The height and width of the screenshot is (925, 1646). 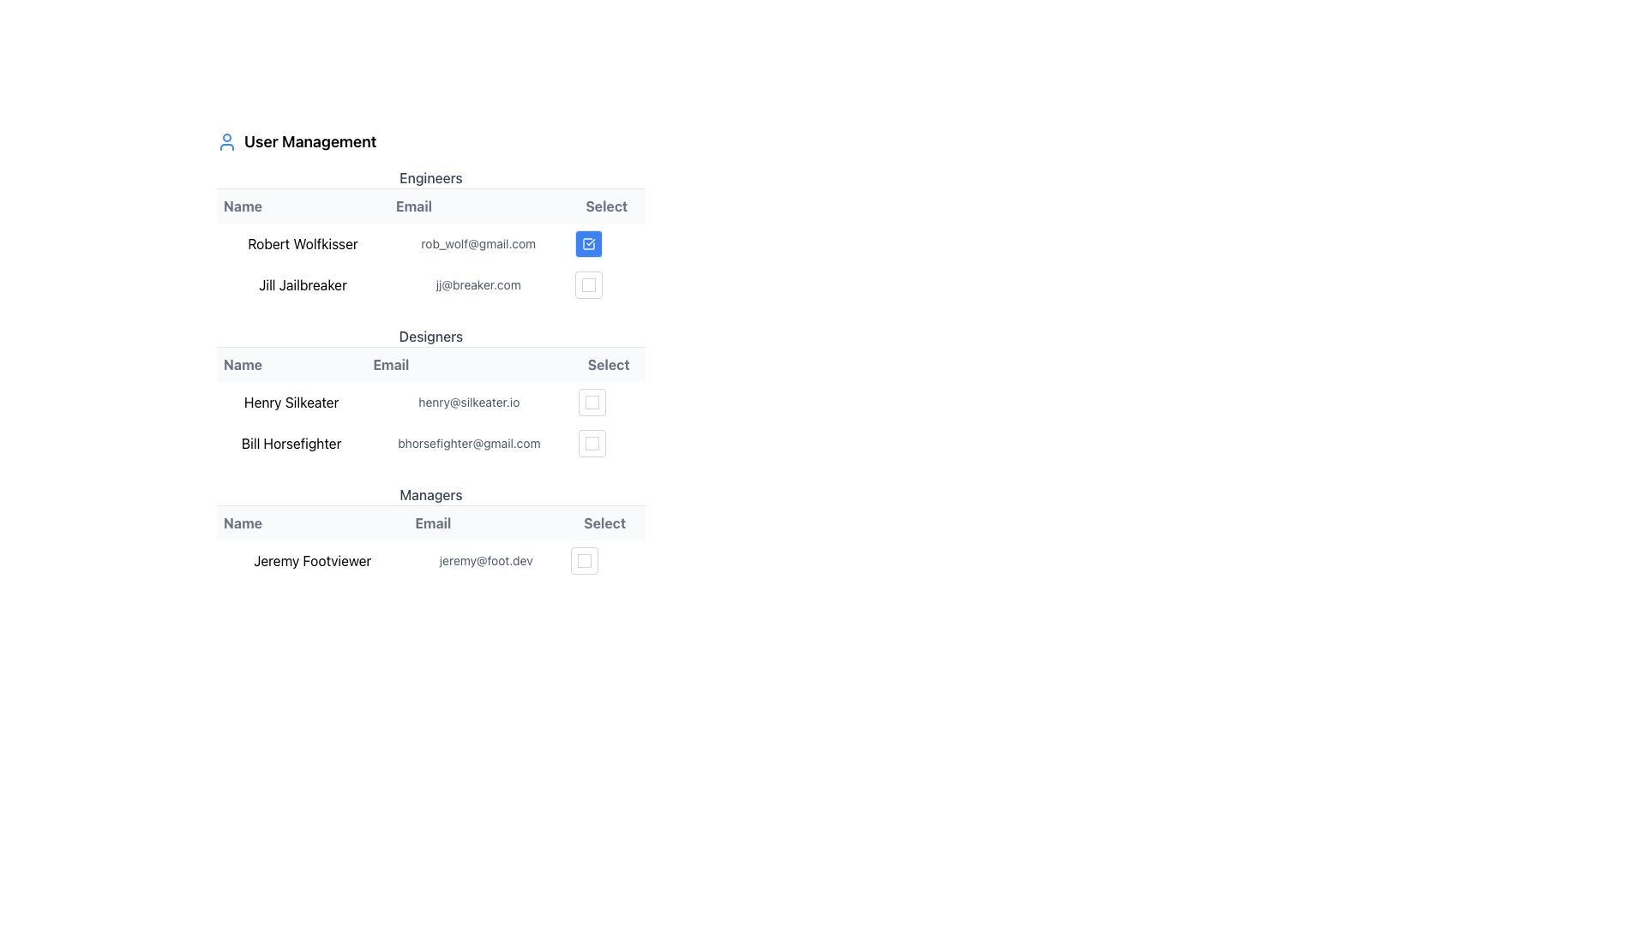 What do you see at coordinates (588, 283) in the screenshot?
I see `the button in the 'Select' column of the 'Engineers' table associated with user 'Jill Jailbreaker', located beside the email 'jj@breaker.com'` at bounding box center [588, 283].